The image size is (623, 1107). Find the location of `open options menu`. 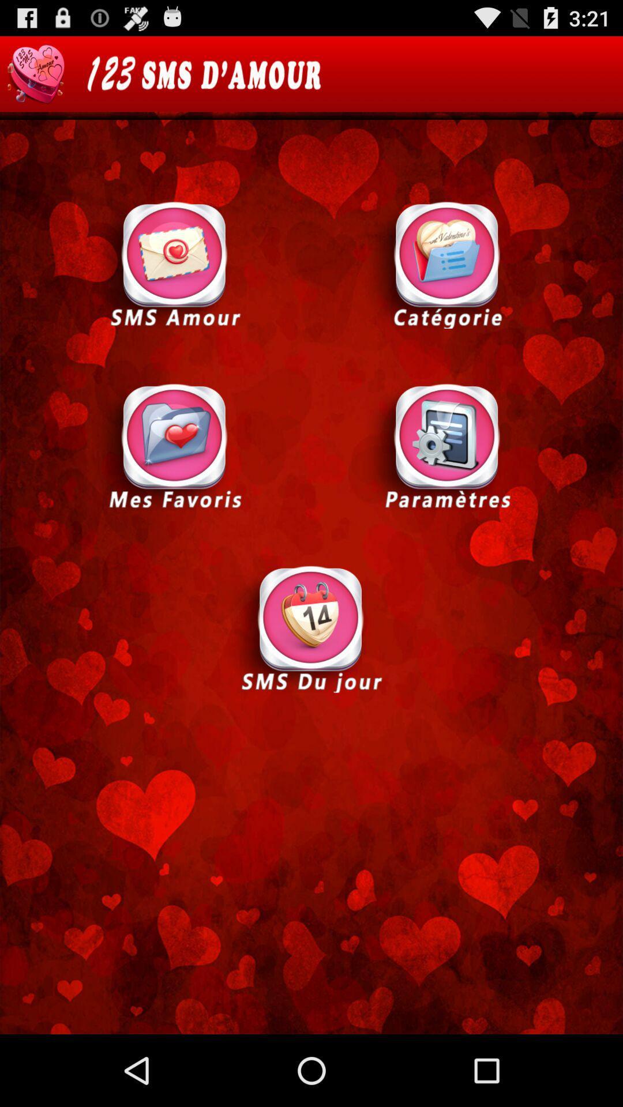

open options menu is located at coordinates (446, 445).